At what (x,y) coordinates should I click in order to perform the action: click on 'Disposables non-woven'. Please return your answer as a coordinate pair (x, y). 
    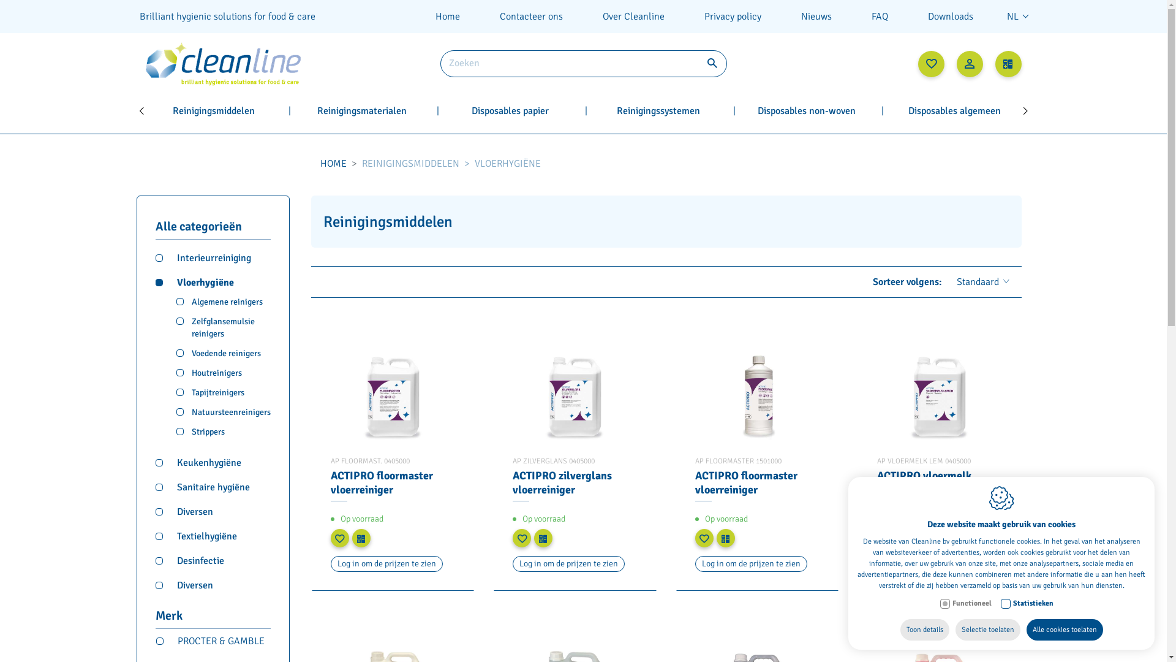
    Looking at the image, I should click on (805, 111).